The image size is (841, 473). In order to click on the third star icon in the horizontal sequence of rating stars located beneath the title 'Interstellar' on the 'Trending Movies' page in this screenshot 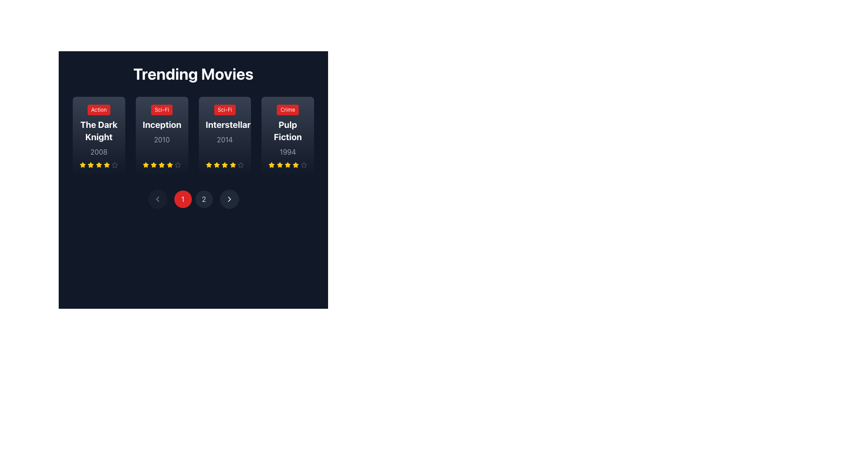, I will do `click(225, 165)`.